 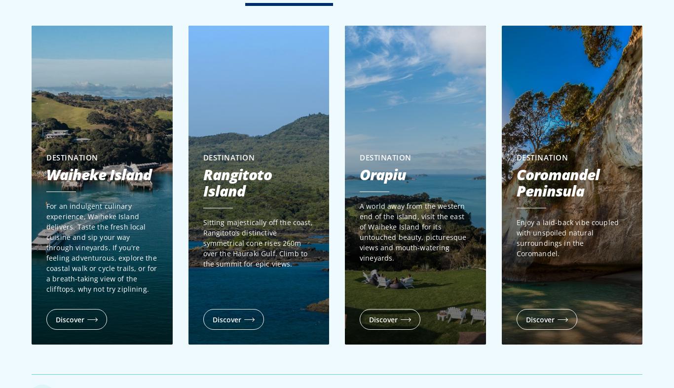 I want to click on 'Orapiu', so click(x=383, y=174).